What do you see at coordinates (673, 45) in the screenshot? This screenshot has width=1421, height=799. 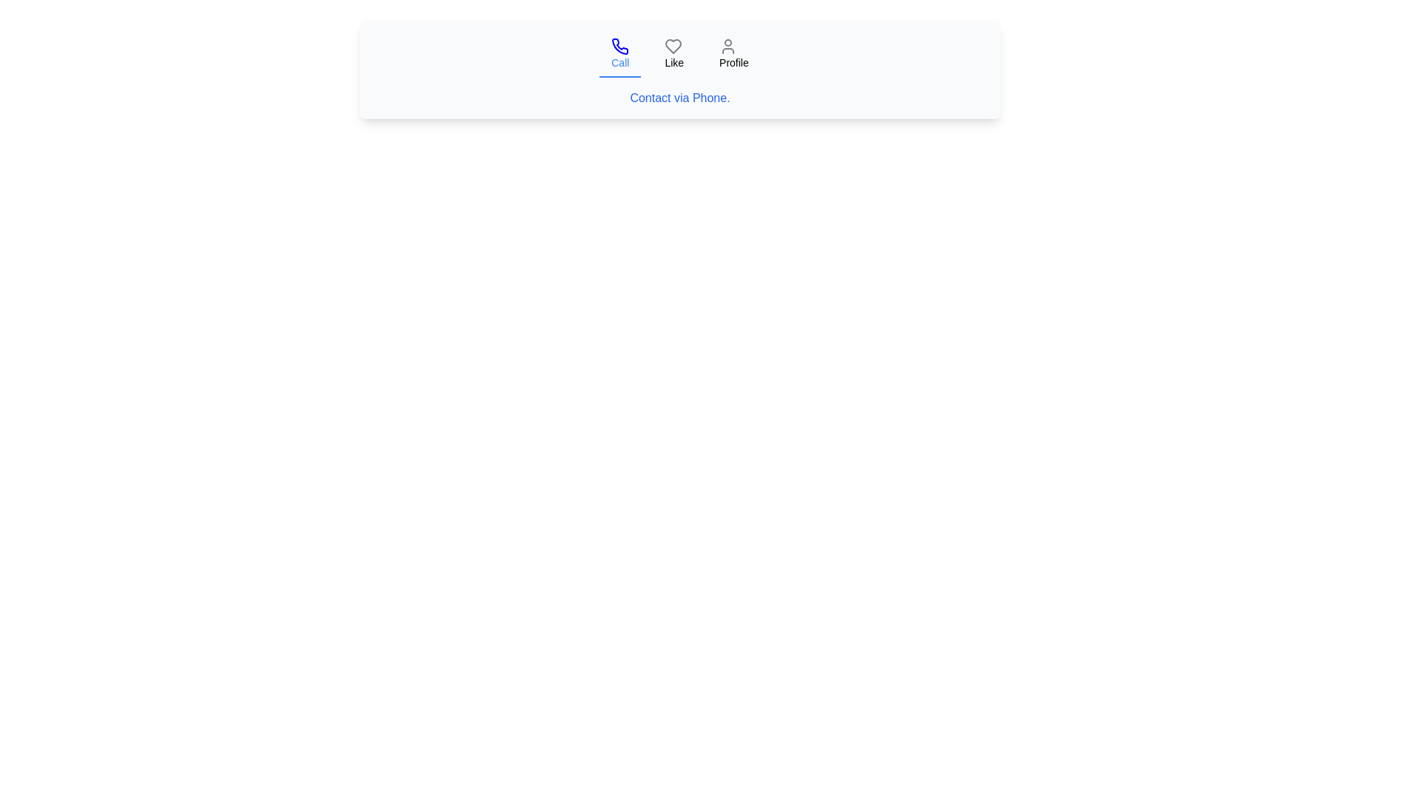 I see `the outlined heart shape icon with a gray stroke that is located adjacent to the 'Like' text in the navigation bar` at bounding box center [673, 45].